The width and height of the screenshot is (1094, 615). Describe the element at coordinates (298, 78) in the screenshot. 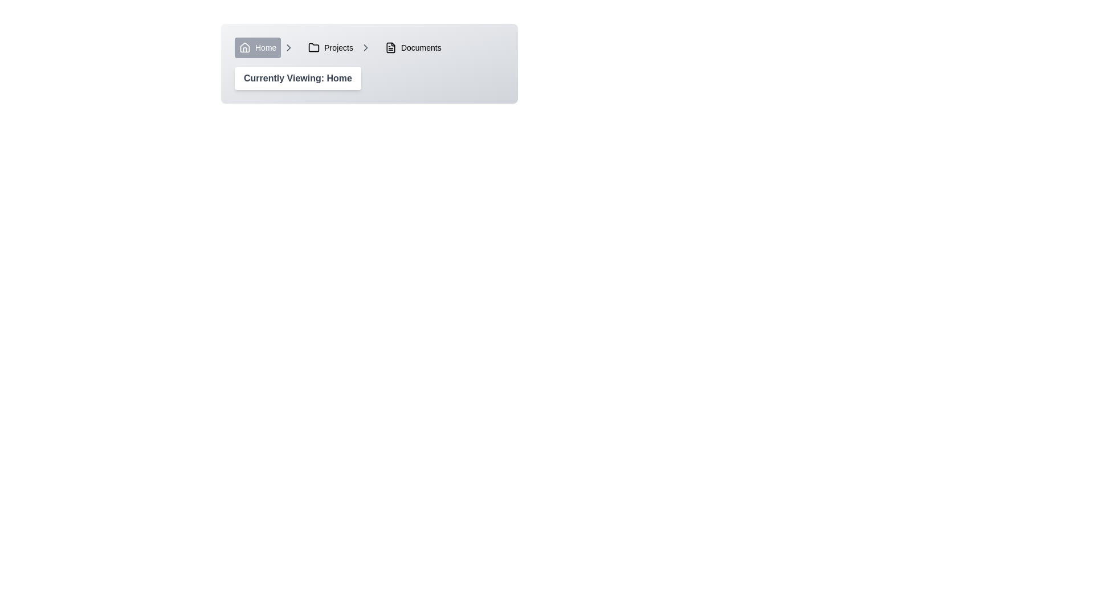

I see `text label that displays 'Currently Viewing: Home', which is styled in bold gray font, positioned beneath the breadcrumb navigation bar` at that location.